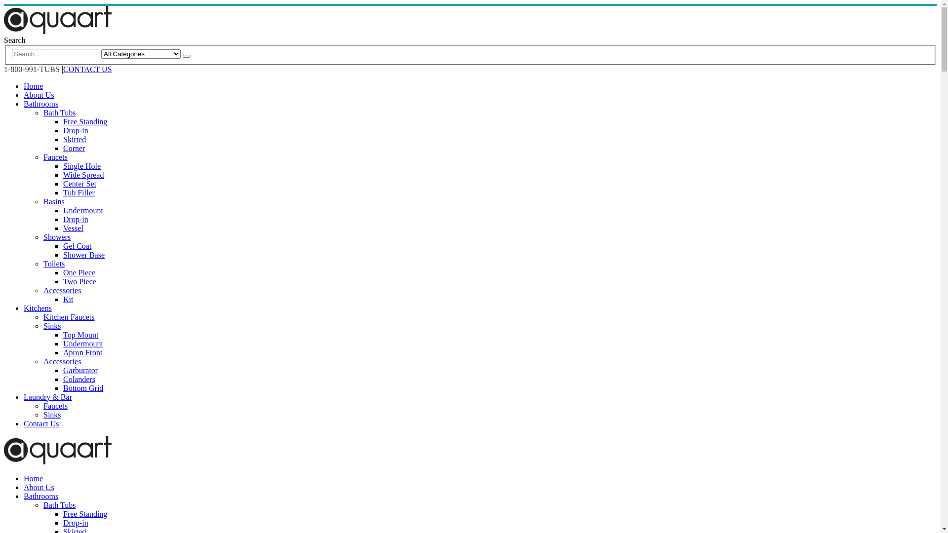  Describe the element at coordinates (83, 343) in the screenshot. I see `'Undermount'` at that location.